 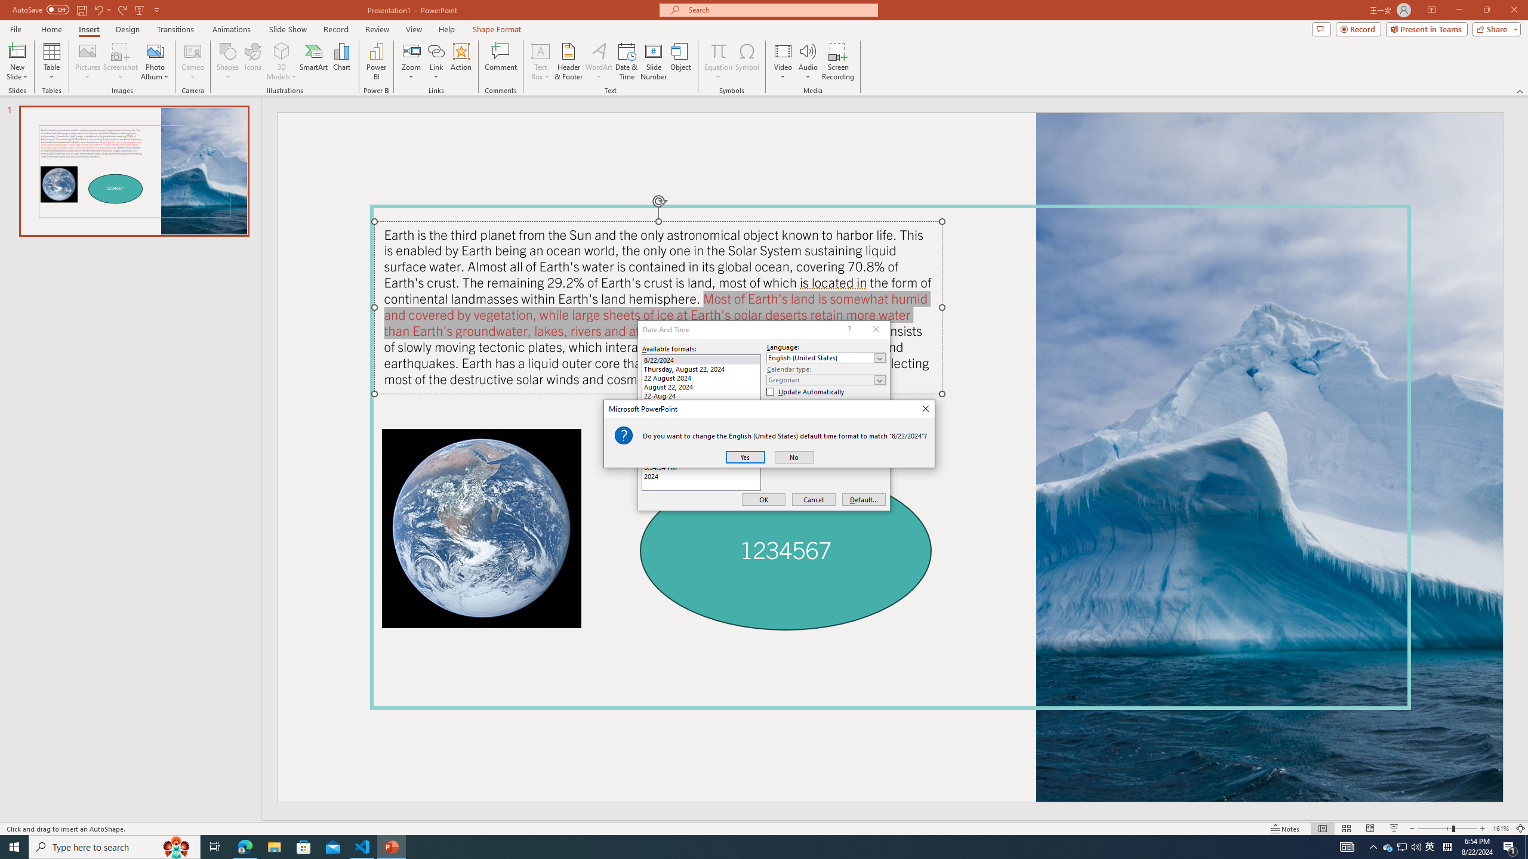 What do you see at coordinates (252, 61) in the screenshot?
I see `'Icons'` at bounding box center [252, 61].